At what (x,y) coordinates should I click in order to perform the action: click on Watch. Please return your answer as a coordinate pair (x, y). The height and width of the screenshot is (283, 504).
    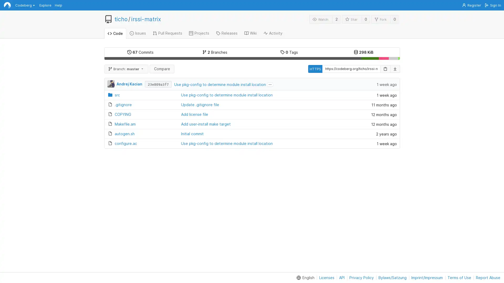
    Looking at the image, I should click on (321, 19).